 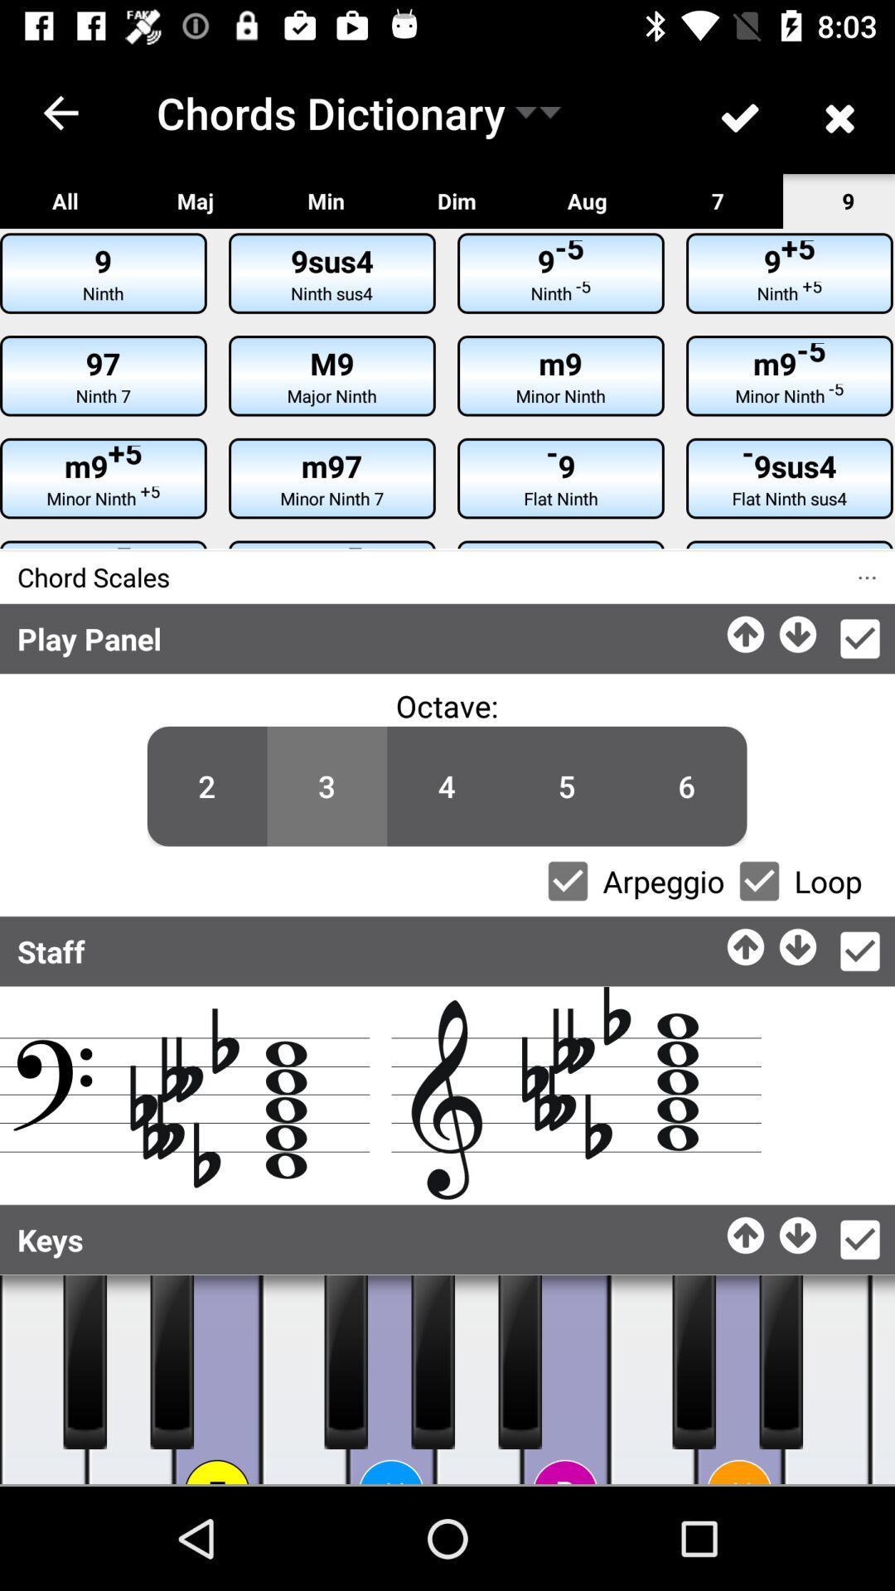 What do you see at coordinates (478, 1380) in the screenshot?
I see `key of a music instrument` at bounding box center [478, 1380].